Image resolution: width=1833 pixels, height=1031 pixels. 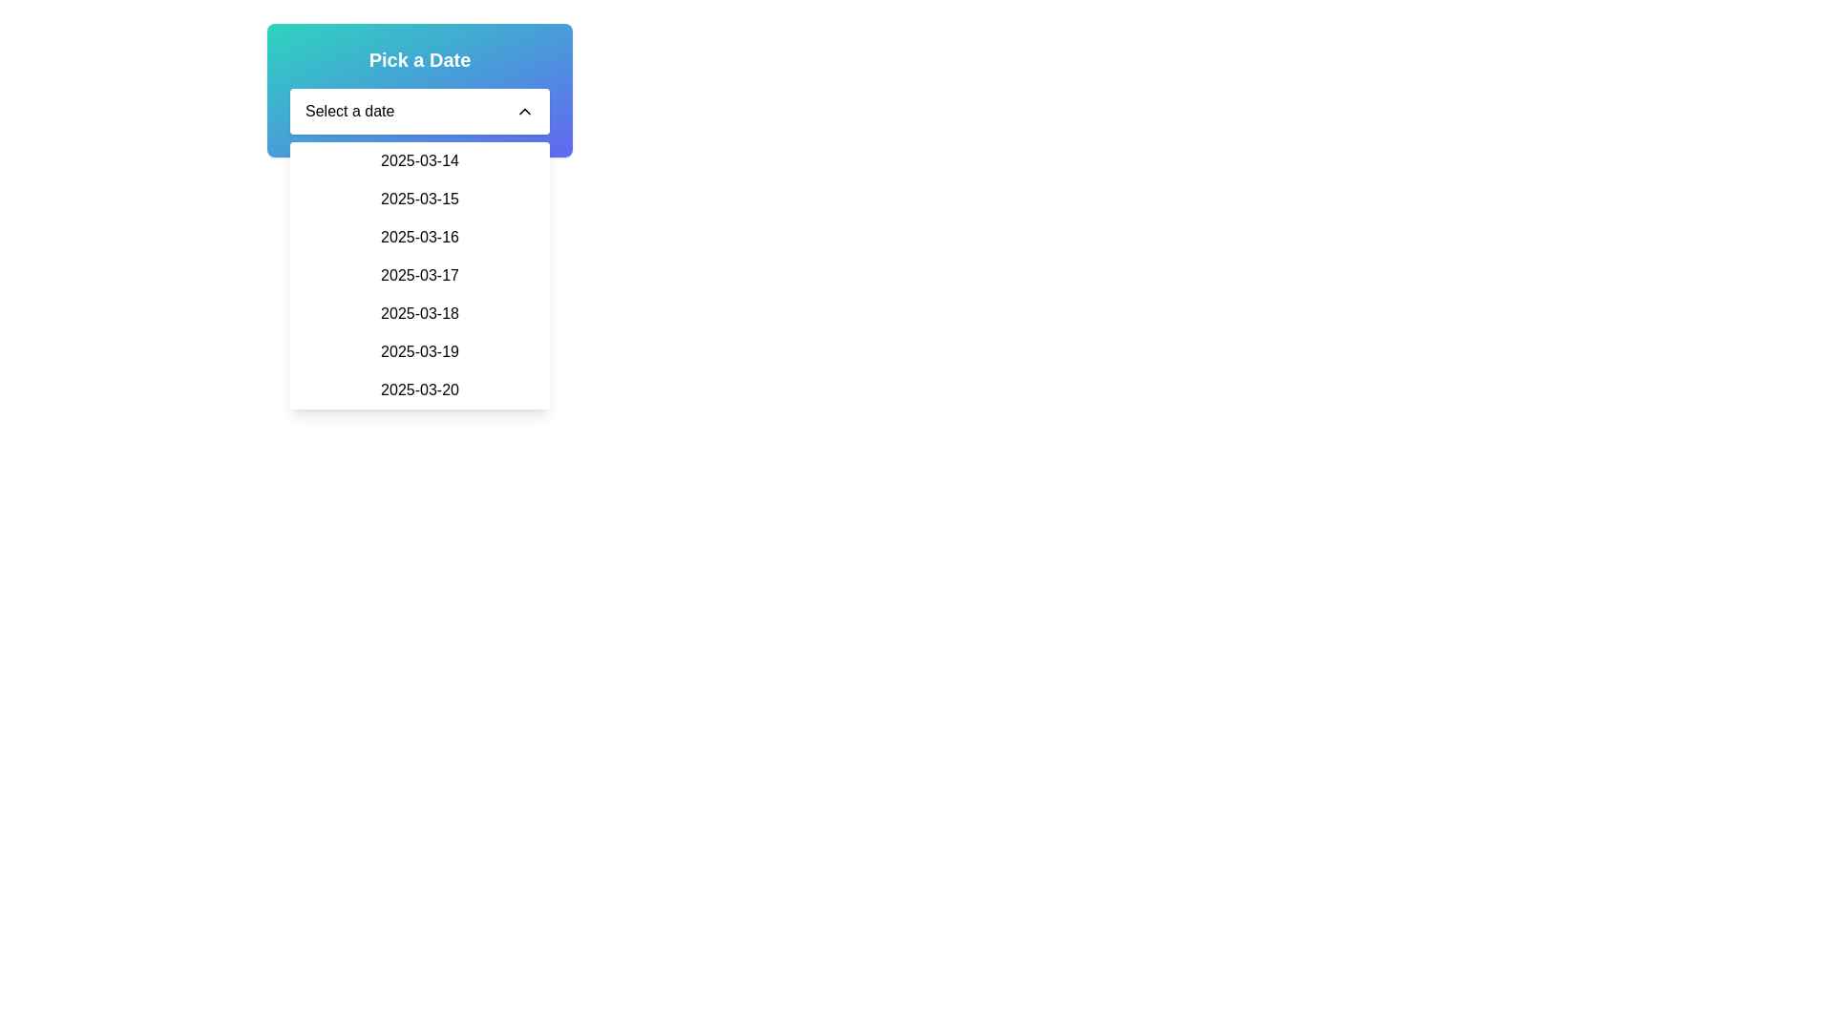 I want to click on the date option '2025-03-20' in the dropdown menu, so click(x=419, y=389).